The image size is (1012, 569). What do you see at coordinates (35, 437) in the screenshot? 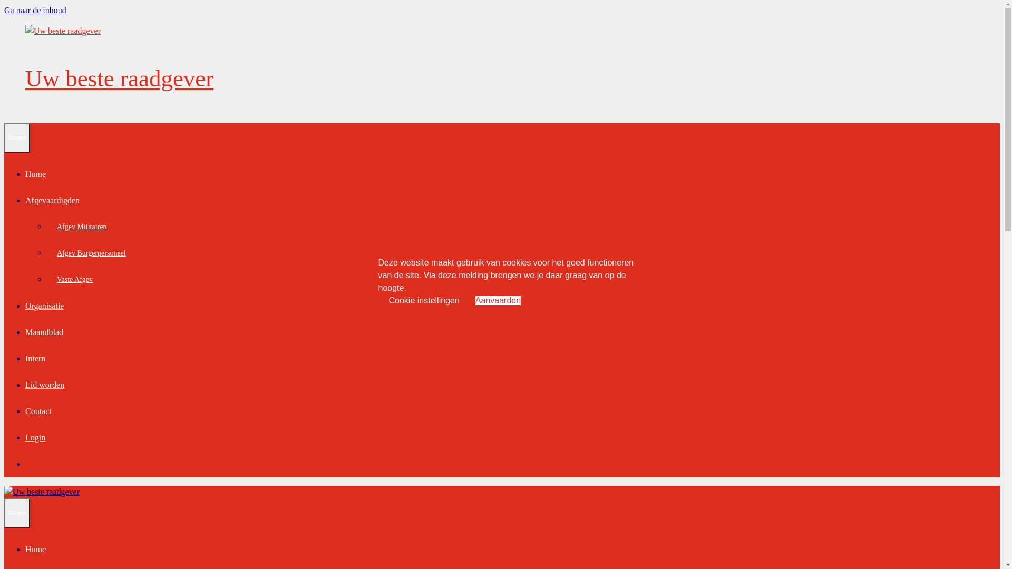
I see `'Login'` at bounding box center [35, 437].